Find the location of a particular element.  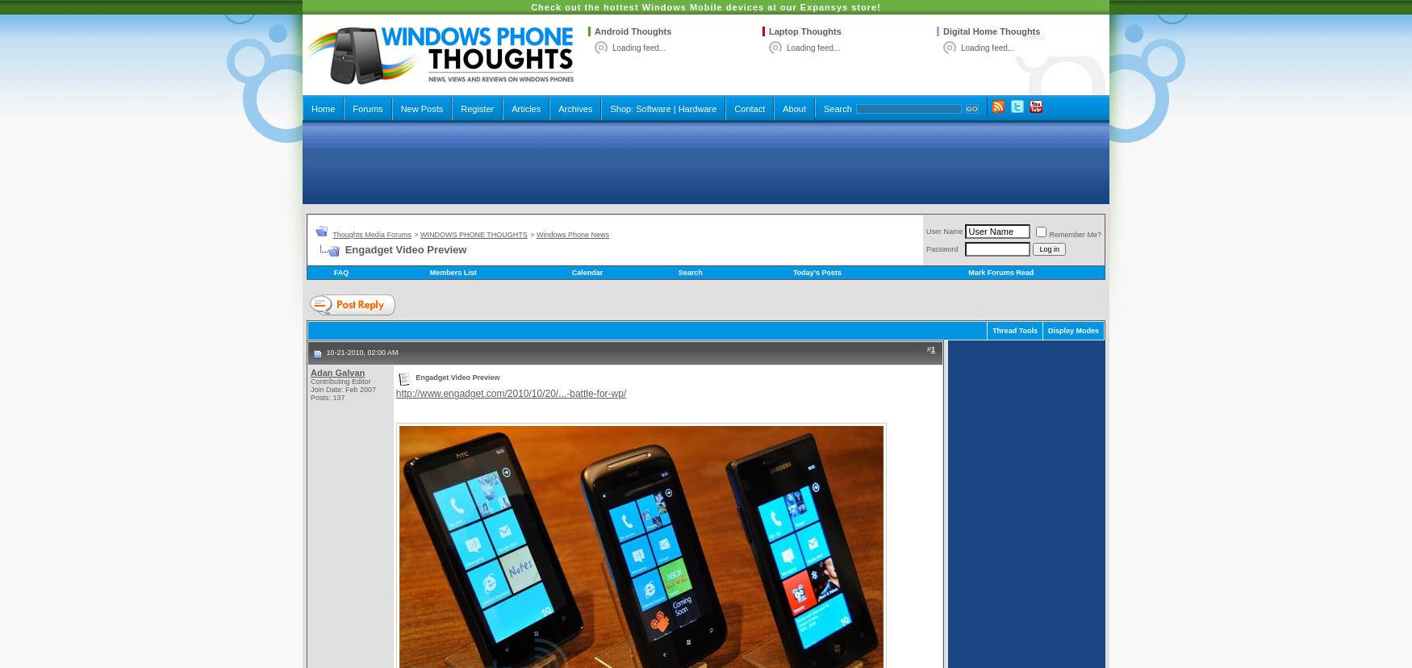

'Android Thoughts' is located at coordinates (632, 30).